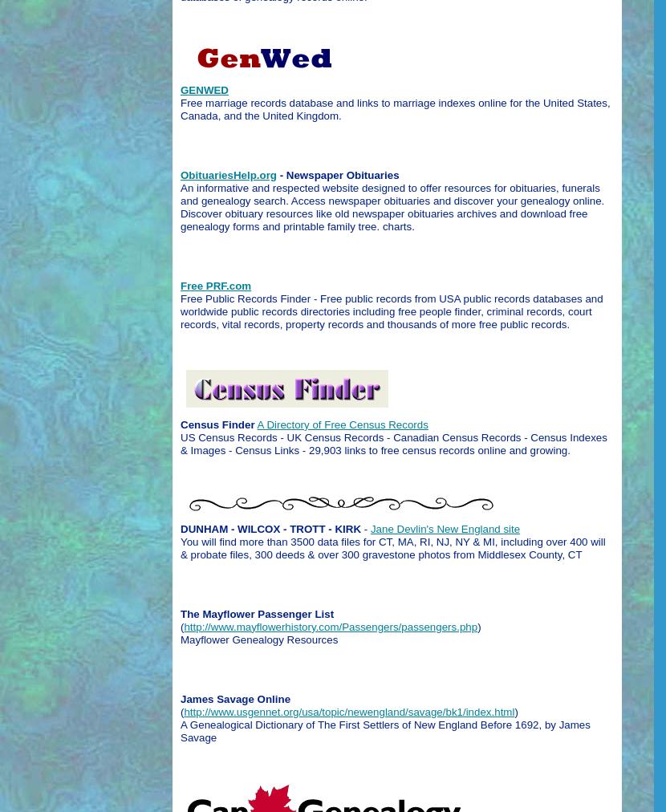  Describe the element at coordinates (180, 205) in the screenshot. I see `'An informative and respected website designed  to offer resources for obituaries, funerals and genealogy search. Access newspaper obituaries and discover your genealogy online. Discover obituary resources like old newspaper obituaries archives and download free genealogy forms and printable family tree.
charts.'` at that location.